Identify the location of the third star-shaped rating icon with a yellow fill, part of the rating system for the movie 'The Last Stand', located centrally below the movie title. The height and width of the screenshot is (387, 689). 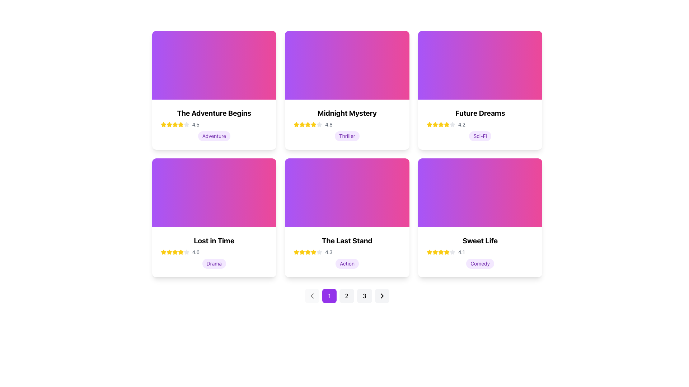
(308, 252).